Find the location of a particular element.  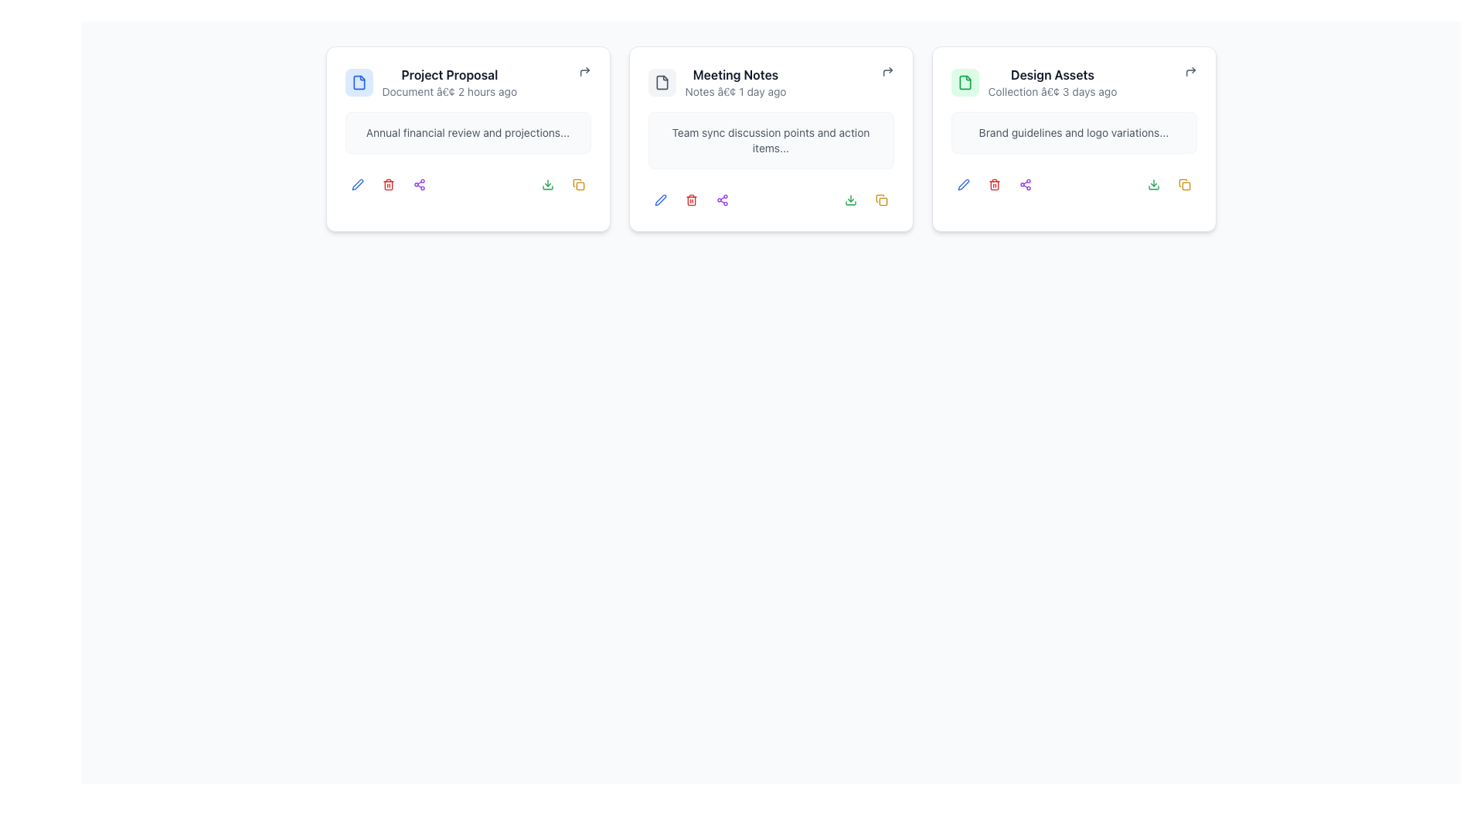

the connection or share icon button, which is located in the bottom-right corner of the 'Project Proposal' card is located at coordinates (419, 184).